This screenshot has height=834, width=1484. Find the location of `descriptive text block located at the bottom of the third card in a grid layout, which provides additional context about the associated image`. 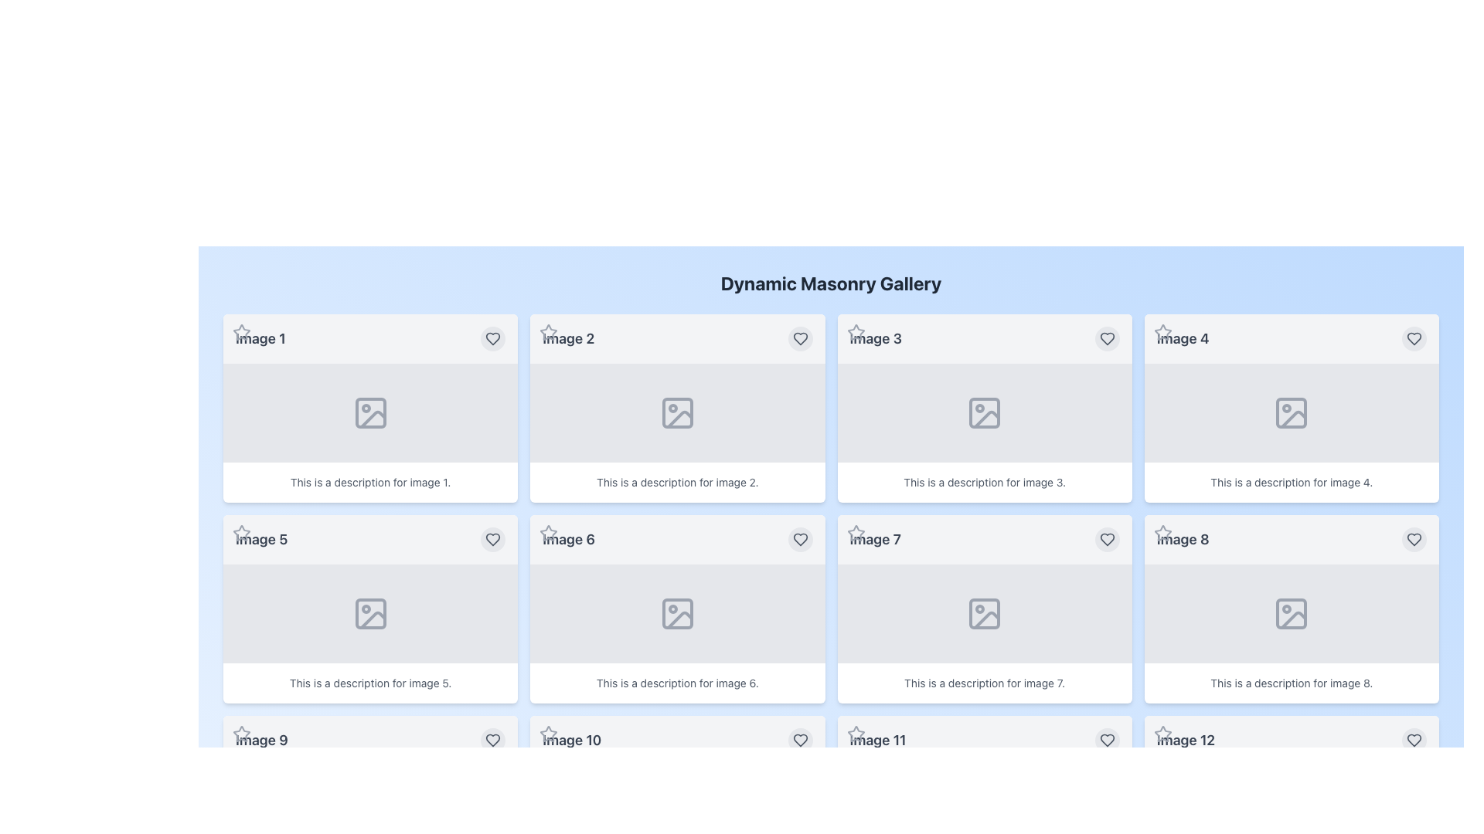

descriptive text block located at the bottom of the third card in a grid layout, which provides additional context about the associated image is located at coordinates (984, 481).